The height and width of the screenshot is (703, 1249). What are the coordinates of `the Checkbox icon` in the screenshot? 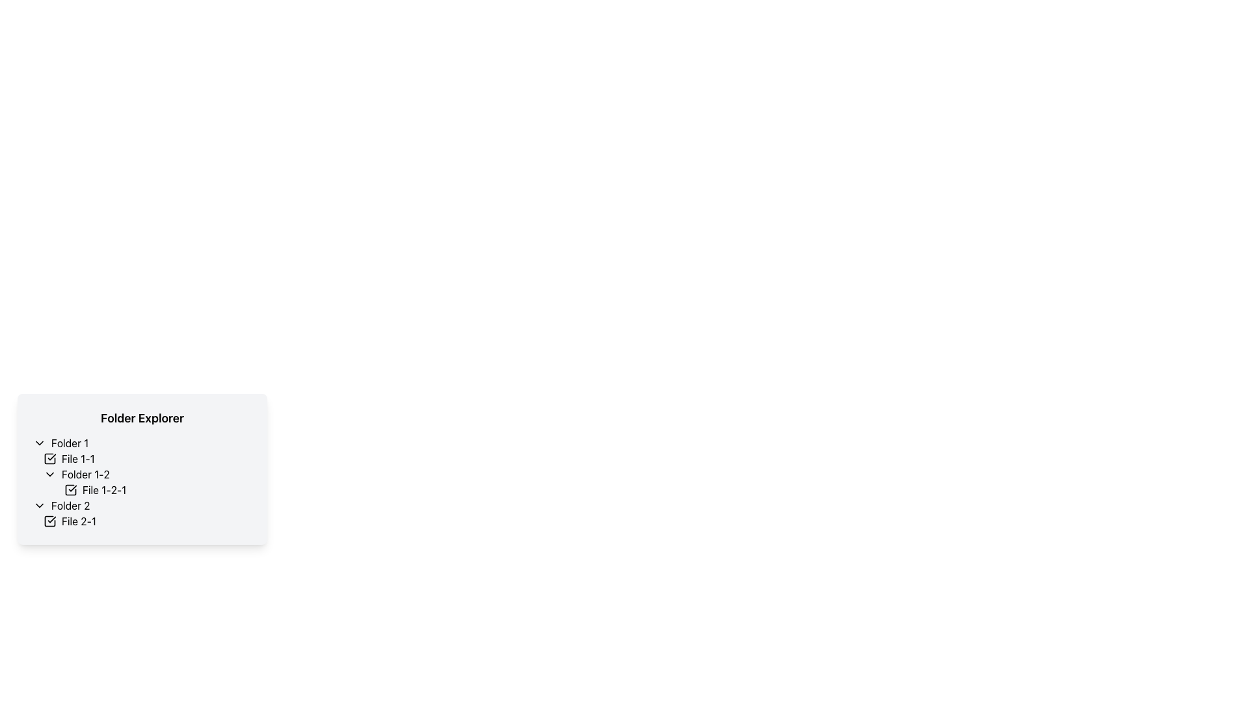 It's located at (49, 521).